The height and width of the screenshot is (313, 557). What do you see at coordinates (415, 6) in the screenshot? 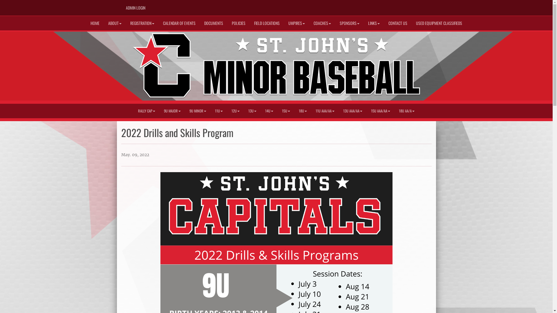
I see `'Twitter'` at bounding box center [415, 6].